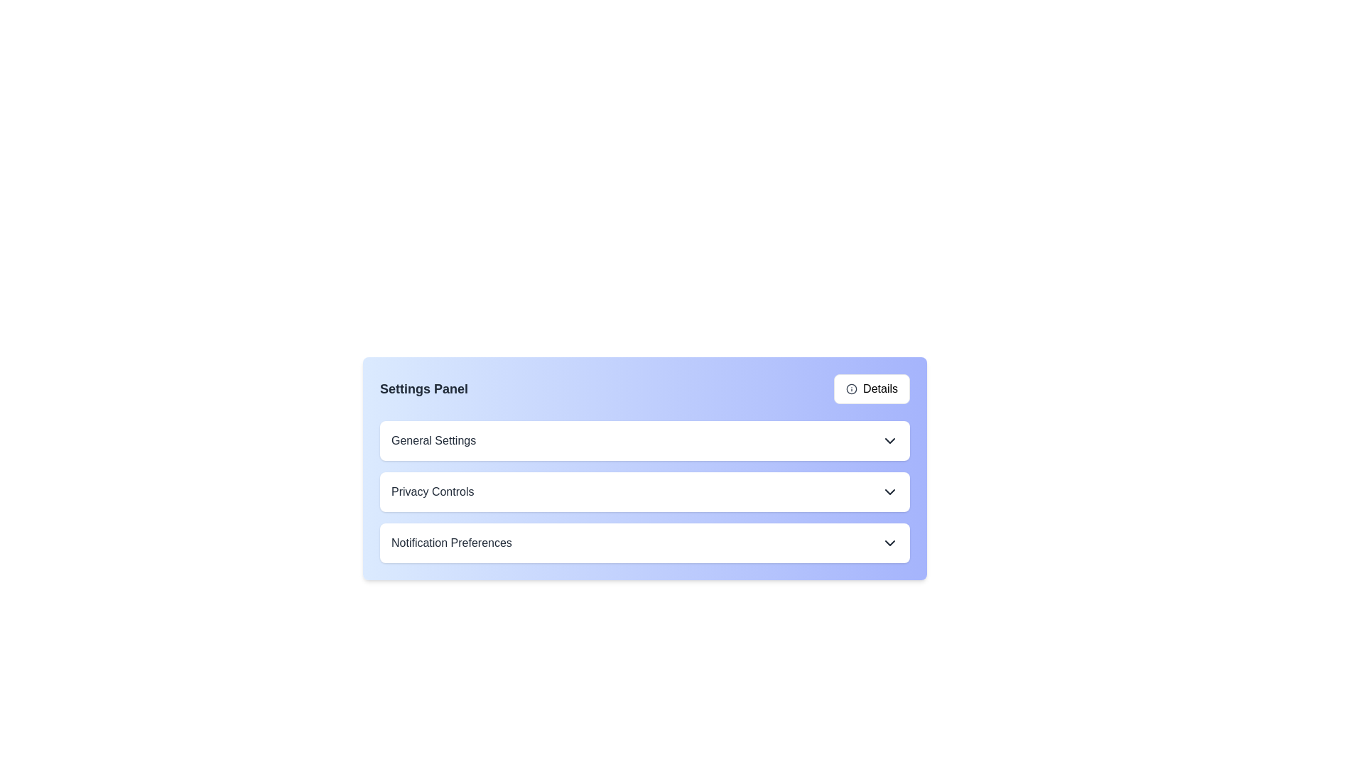  Describe the element at coordinates (889, 543) in the screenshot. I see `the small downward-pointing chevron icon on the right side of the 'Notification Preferences' section` at that location.